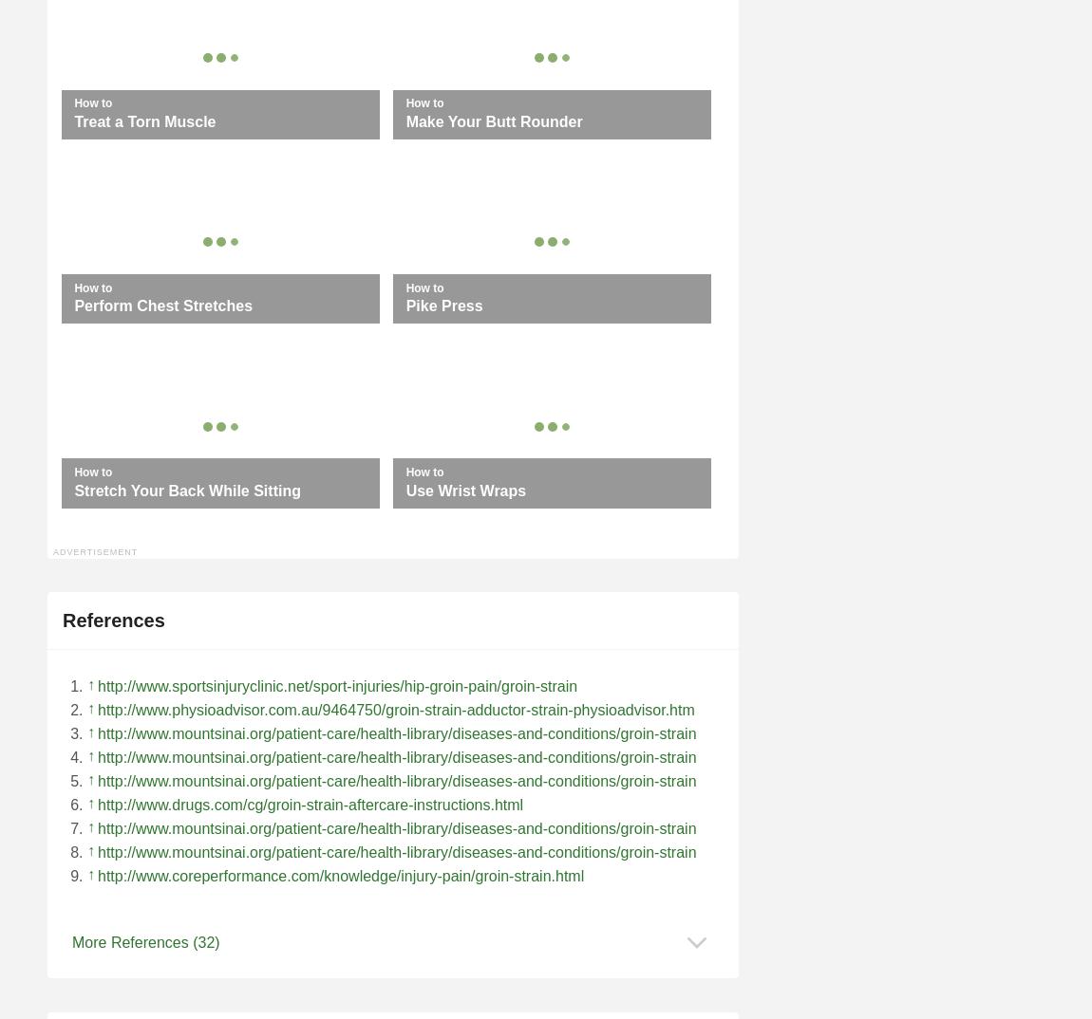 The width and height of the screenshot is (1092, 1019). Describe the element at coordinates (97, 875) in the screenshot. I see `'http://www.coreperformance.com/knowledge/injury-pain/groin-strain.html'` at that location.